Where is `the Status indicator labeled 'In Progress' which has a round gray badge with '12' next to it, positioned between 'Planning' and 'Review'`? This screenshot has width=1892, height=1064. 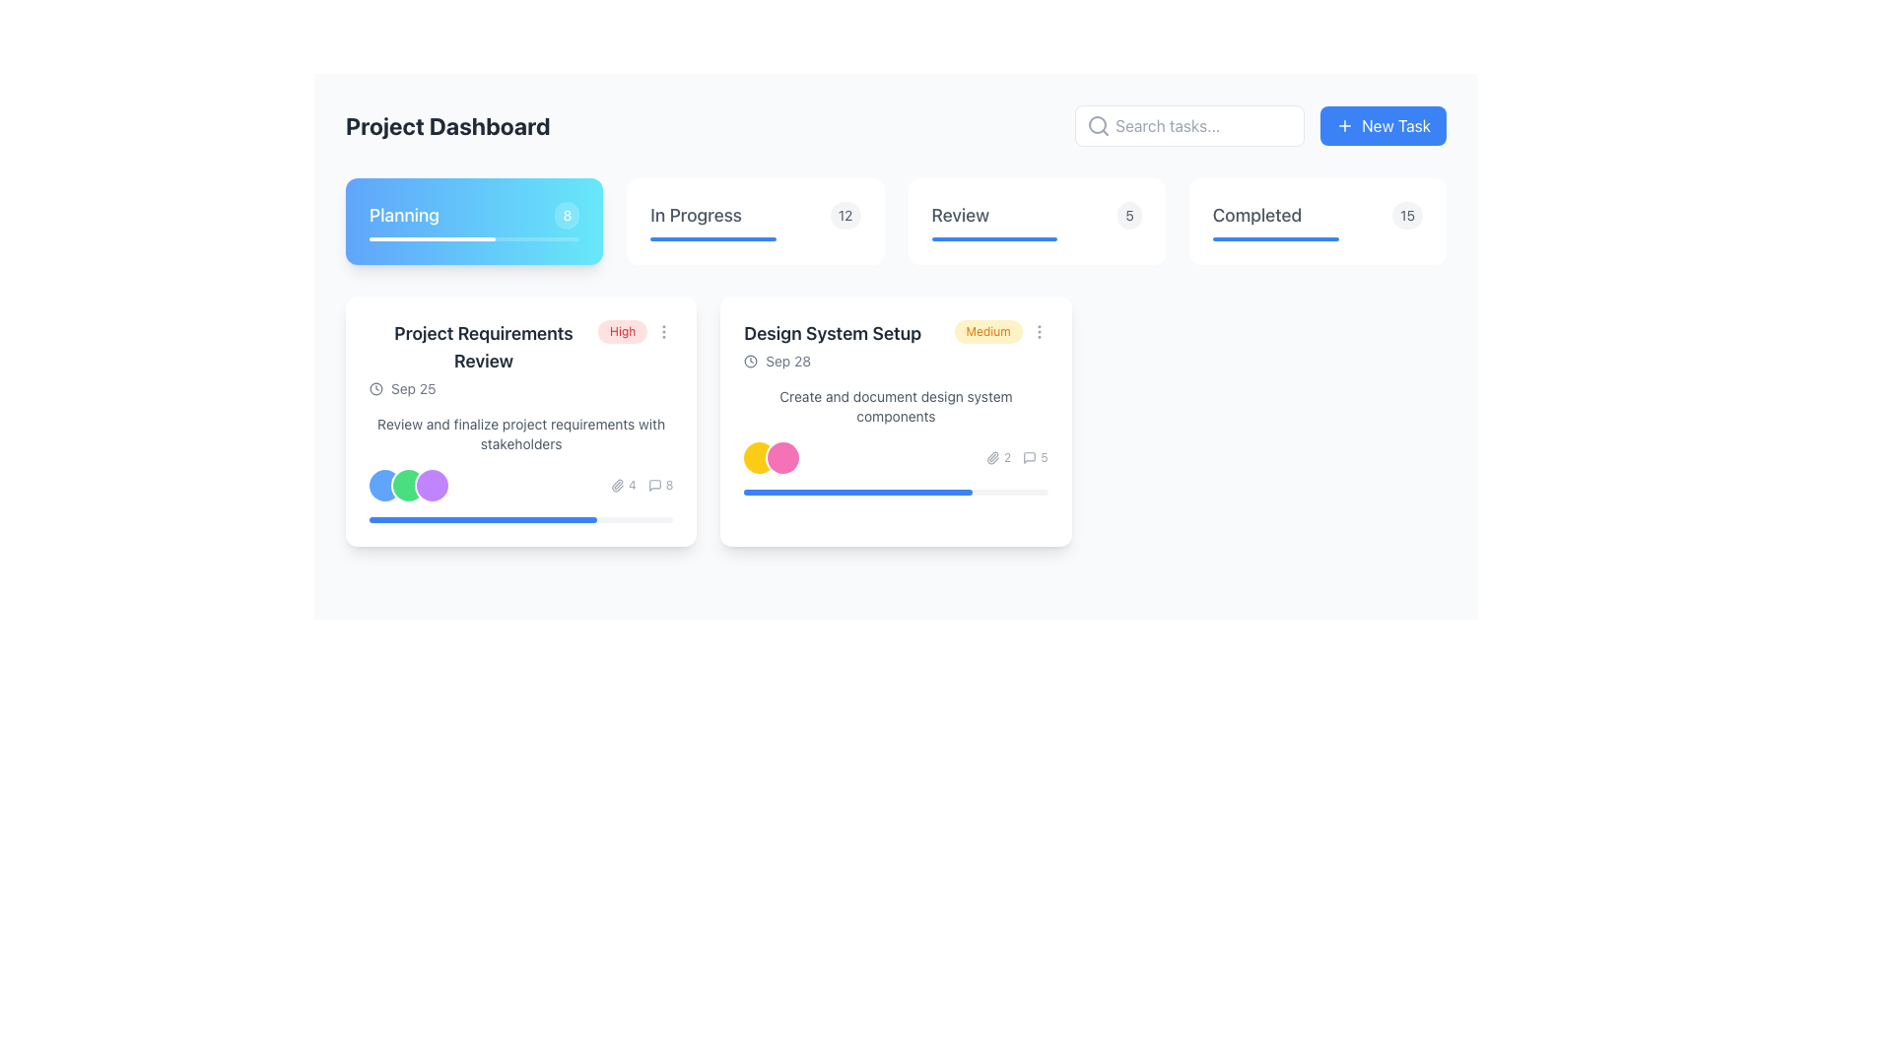 the Status indicator labeled 'In Progress' which has a round gray badge with '12' next to it, positioned between 'Planning' and 'Review' is located at coordinates (754, 216).